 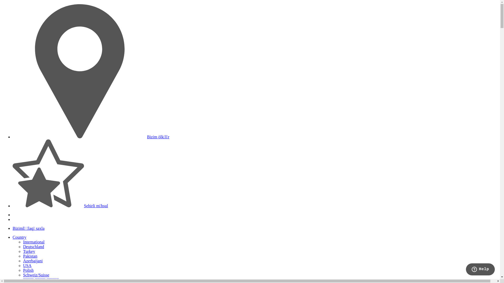 I want to click on 'Polish', so click(x=23, y=270).